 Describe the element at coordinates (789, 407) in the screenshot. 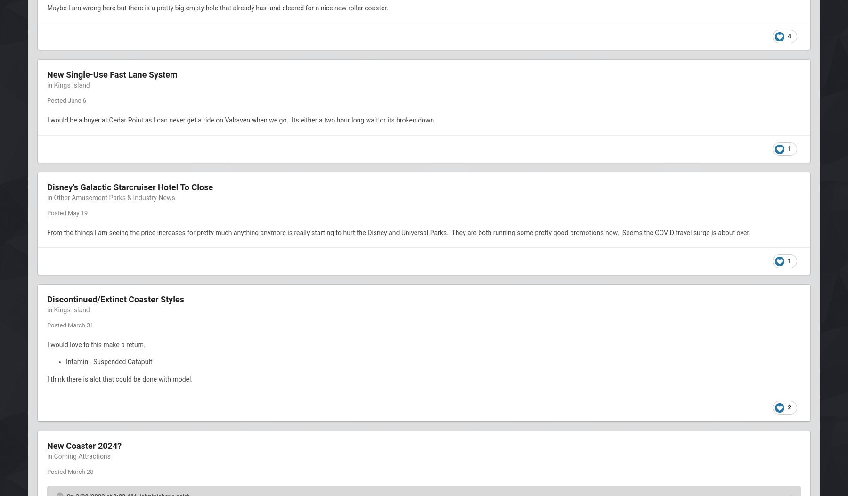

I see `'2'` at that location.